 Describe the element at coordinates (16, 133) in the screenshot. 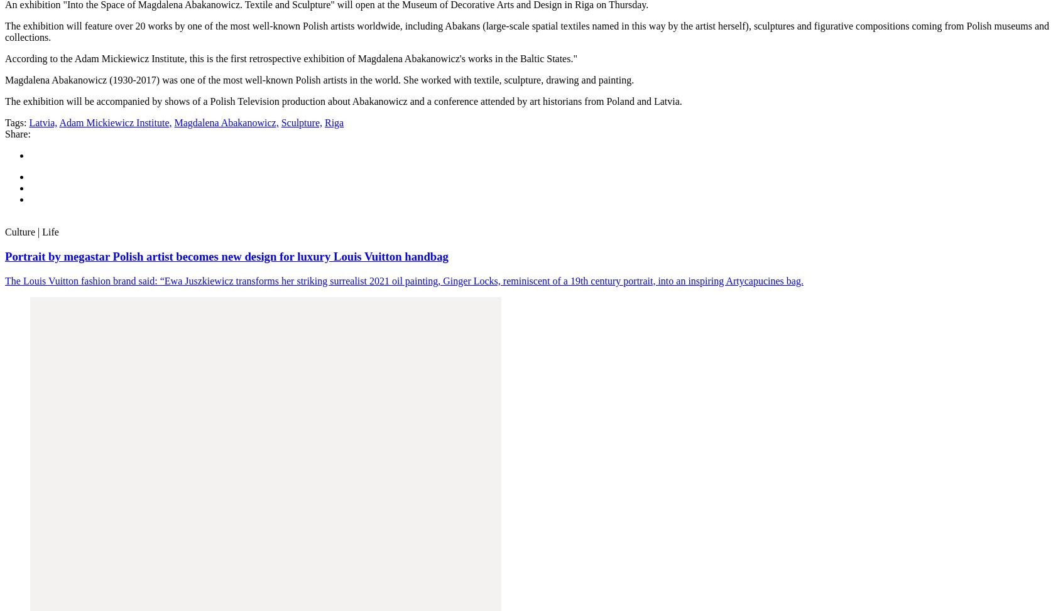

I see `'Share:'` at that location.